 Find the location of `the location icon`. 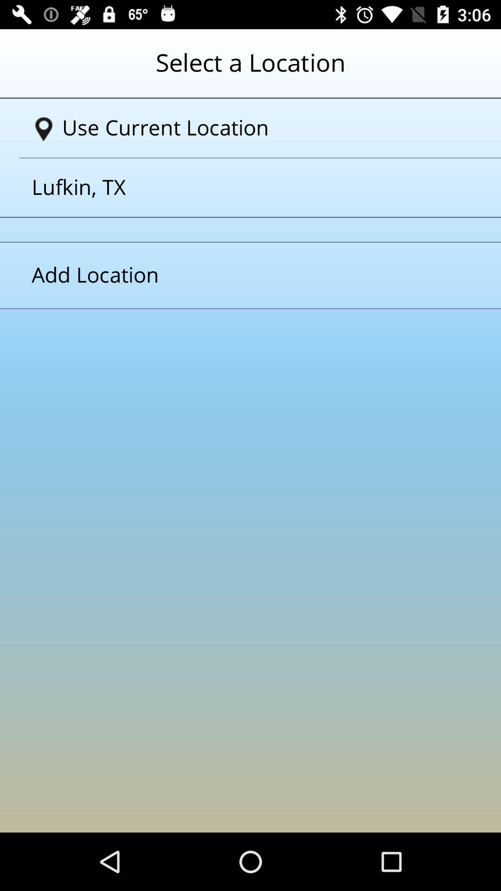

the location icon is located at coordinates (44, 129).